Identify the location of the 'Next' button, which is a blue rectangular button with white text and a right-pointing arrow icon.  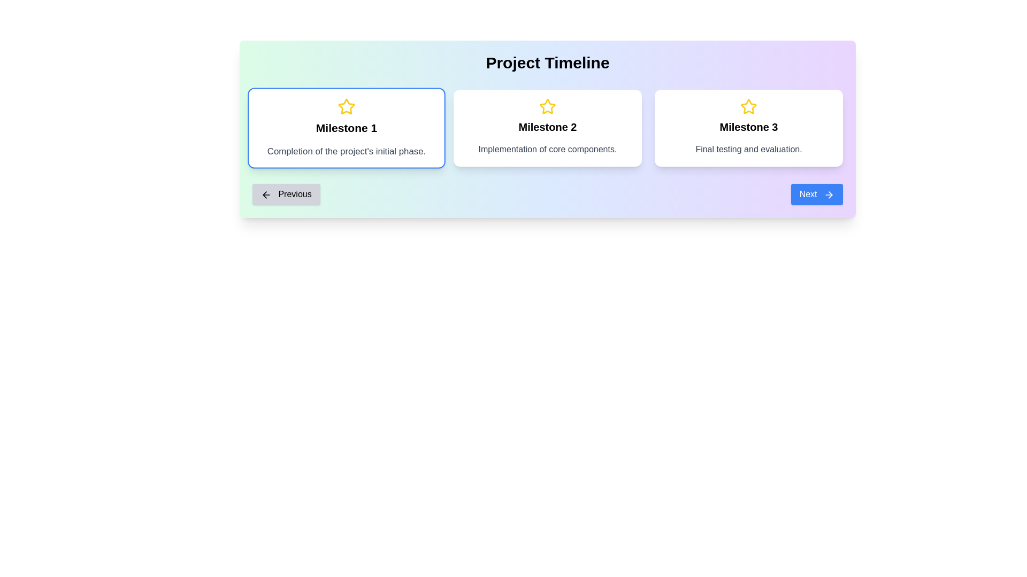
(816, 194).